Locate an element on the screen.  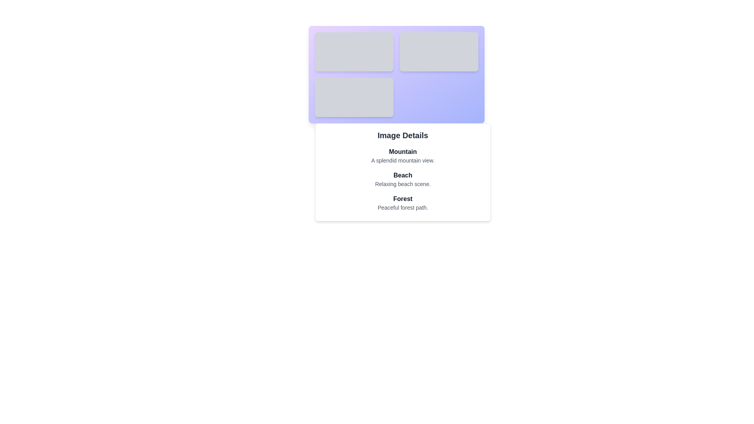
text from the 'Beach' text block, which is the second entry in the 'Image Details' section, displaying bold black text 'Beach' and lighter gray text 'Relaxing beach scene.' is located at coordinates (403, 179).